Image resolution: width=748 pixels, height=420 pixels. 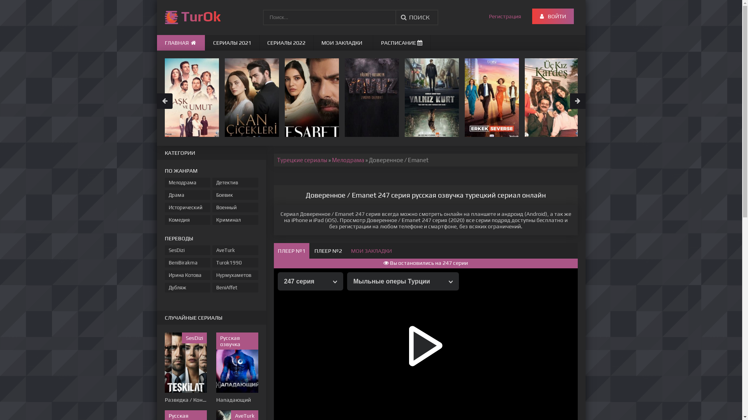 What do you see at coordinates (164, 250) in the screenshot?
I see `'SesDizi'` at bounding box center [164, 250].